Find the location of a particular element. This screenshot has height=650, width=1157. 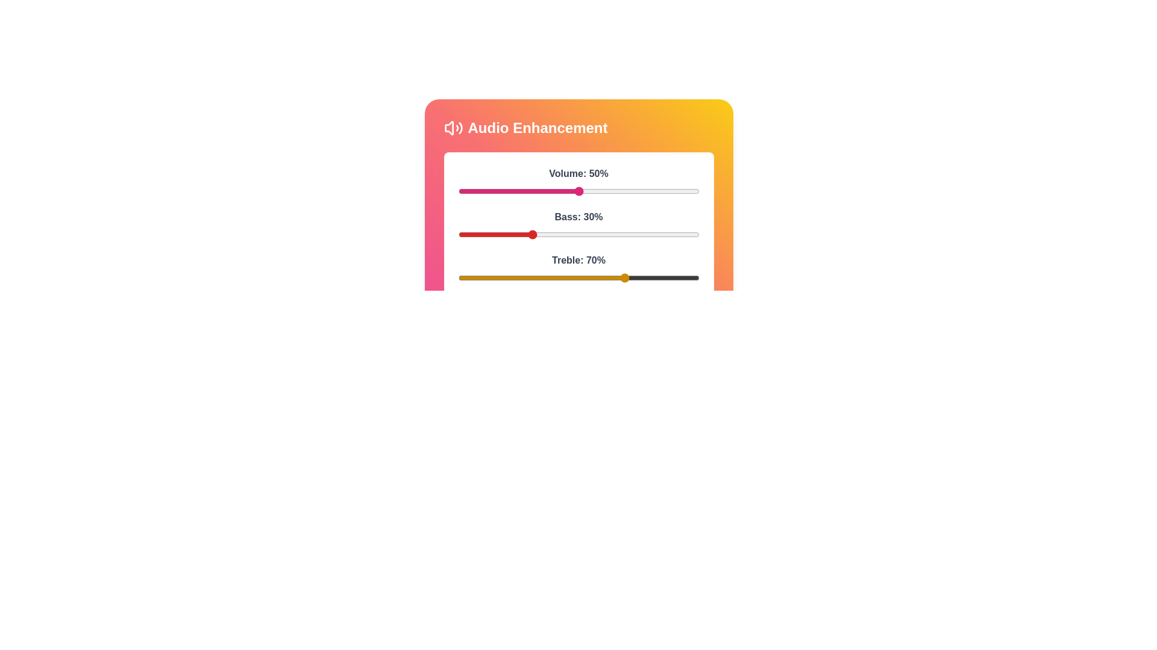

the bold, large-sized text label saying 'Audio Enhancement' styled in white font, which is positioned near the top of a gradient background transitioning from pink to orange is located at coordinates (537, 128).